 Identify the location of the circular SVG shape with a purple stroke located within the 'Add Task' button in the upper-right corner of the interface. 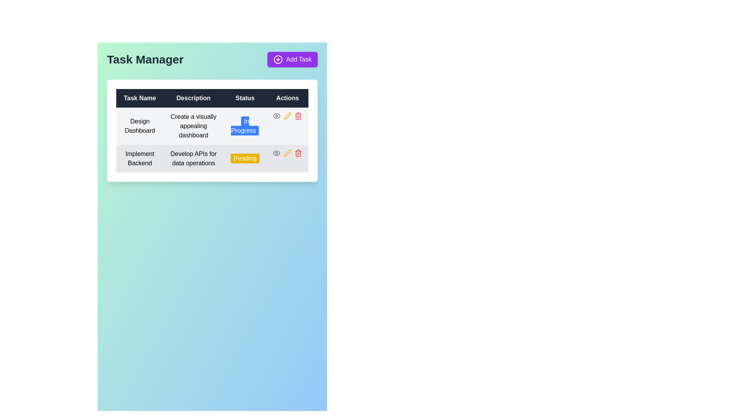
(278, 59).